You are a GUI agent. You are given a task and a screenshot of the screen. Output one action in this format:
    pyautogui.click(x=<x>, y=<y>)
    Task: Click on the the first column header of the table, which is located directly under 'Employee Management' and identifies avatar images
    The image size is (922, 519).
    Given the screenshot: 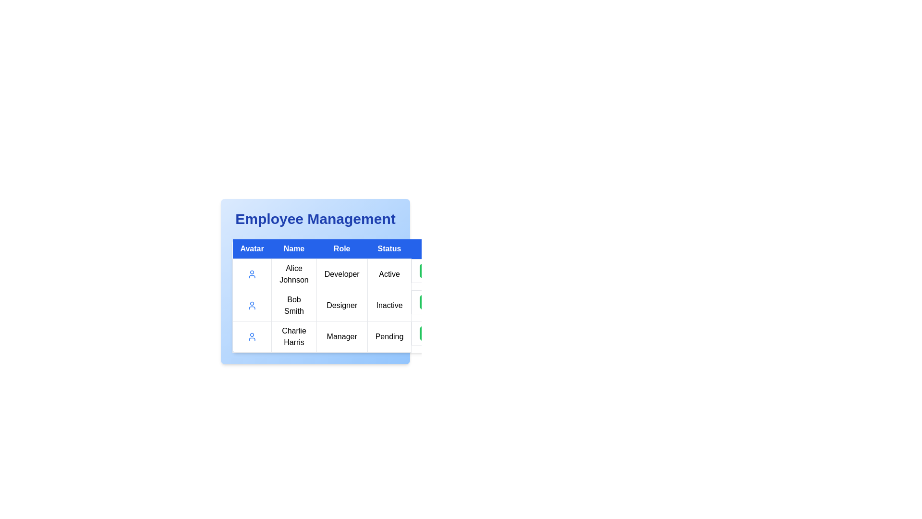 What is the action you would take?
    pyautogui.click(x=252, y=248)
    